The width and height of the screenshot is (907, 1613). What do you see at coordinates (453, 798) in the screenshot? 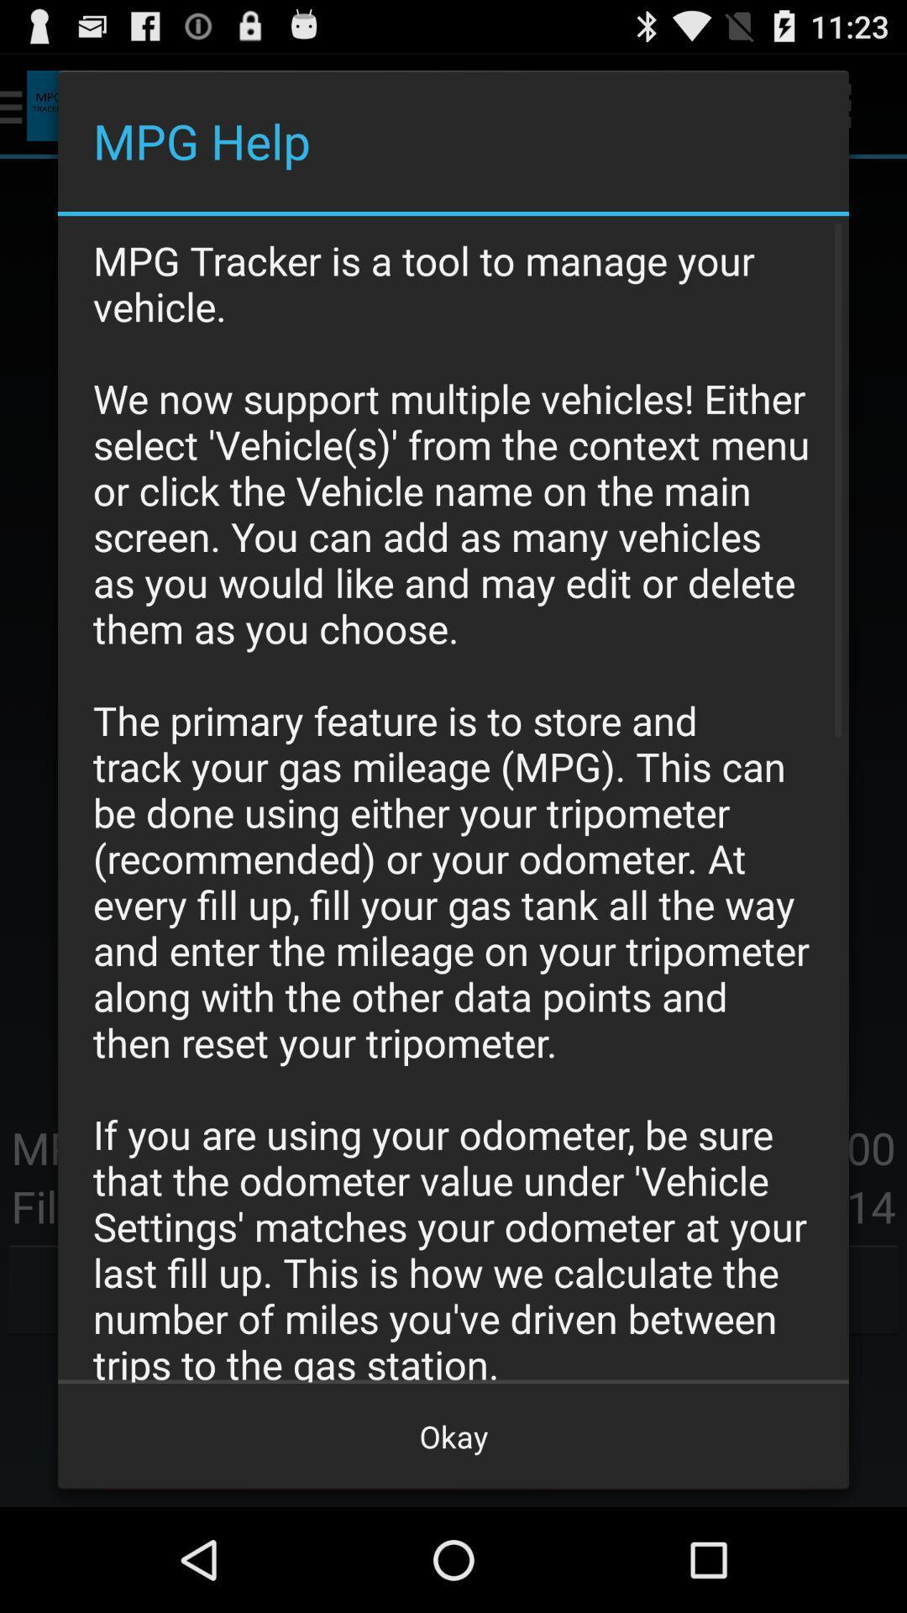
I see `the item above okay button` at bounding box center [453, 798].